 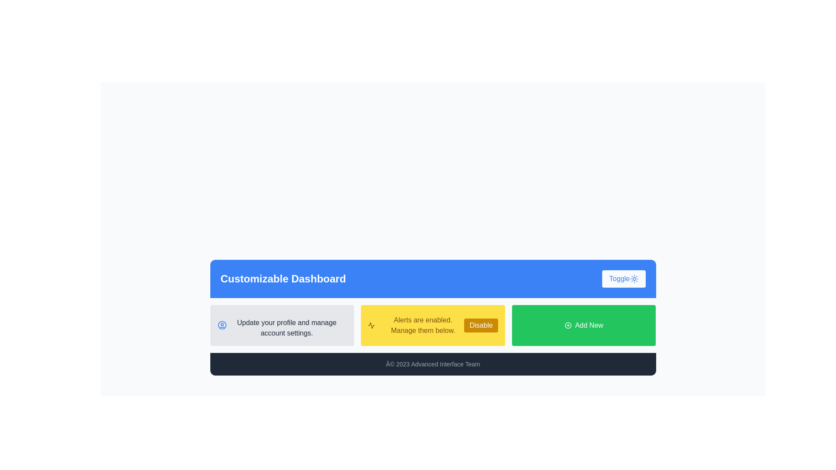 I want to click on the circular graphical icon resembling a user or profile picture, which has a blue circular outline and is located on the left side of the gray rectangular box containing the text 'Update your profile and manage account settings.', so click(x=222, y=326).